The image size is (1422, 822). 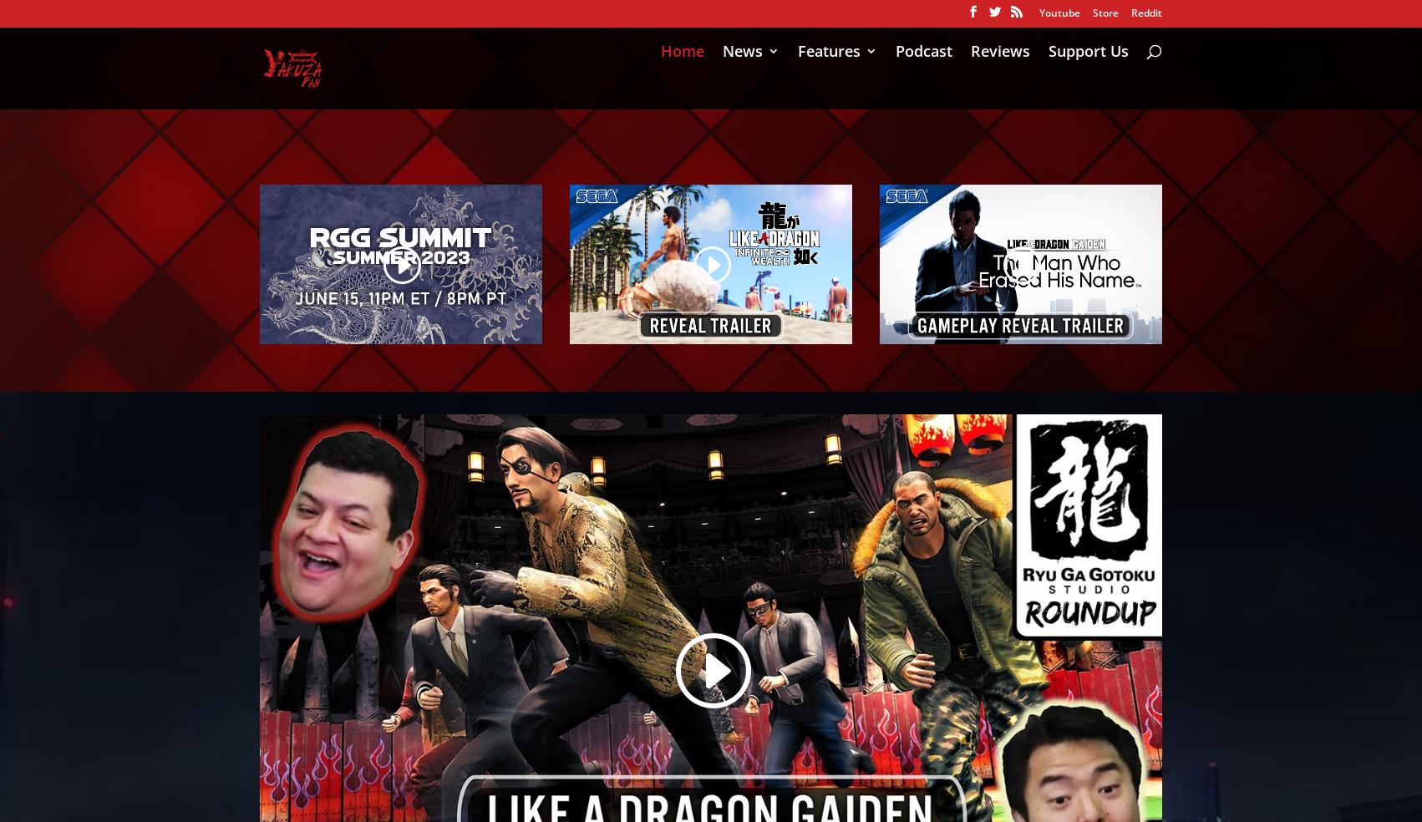 I want to click on 'Merch', so click(x=853, y=313).